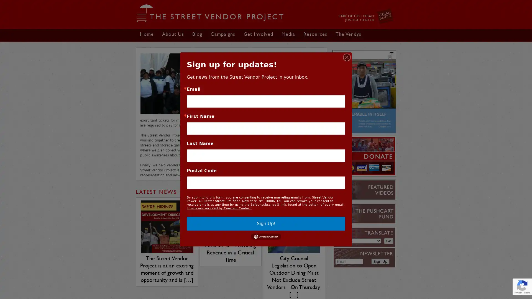  Describe the element at coordinates (347, 57) in the screenshot. I see `Close` at that location.